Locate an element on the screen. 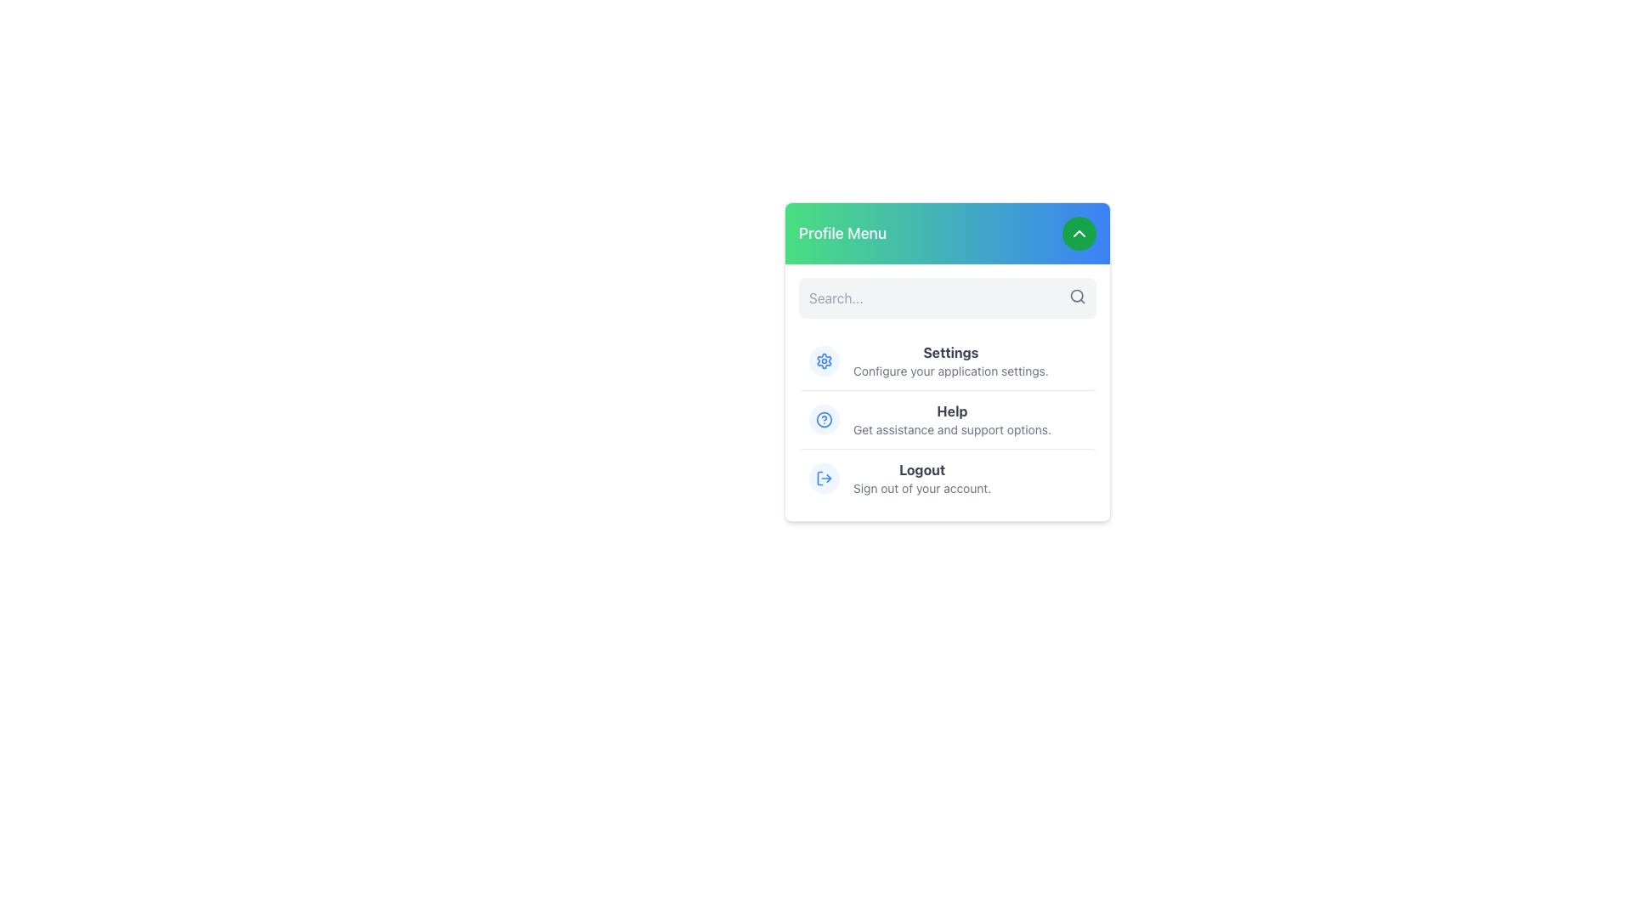 This screenshot has height=918, width=1632. the outer circle of the help icon located to the left of the 'Help' text within the Profile Menu is located at coordinates (824, 419).